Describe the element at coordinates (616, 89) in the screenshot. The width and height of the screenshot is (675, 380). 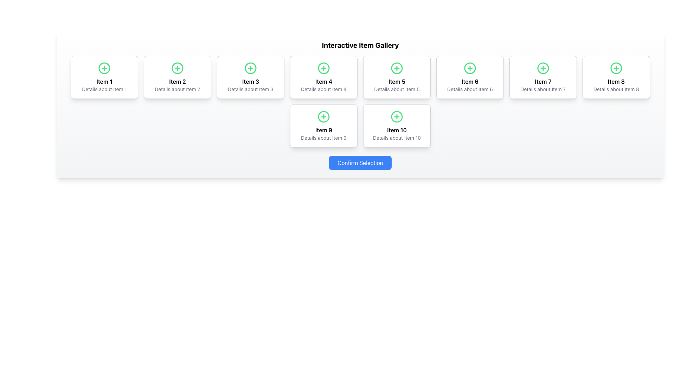
I see `the text label that reads 'Details about Item 8', which is styled in gray and located below the bold title 'Item 8'` at that location.